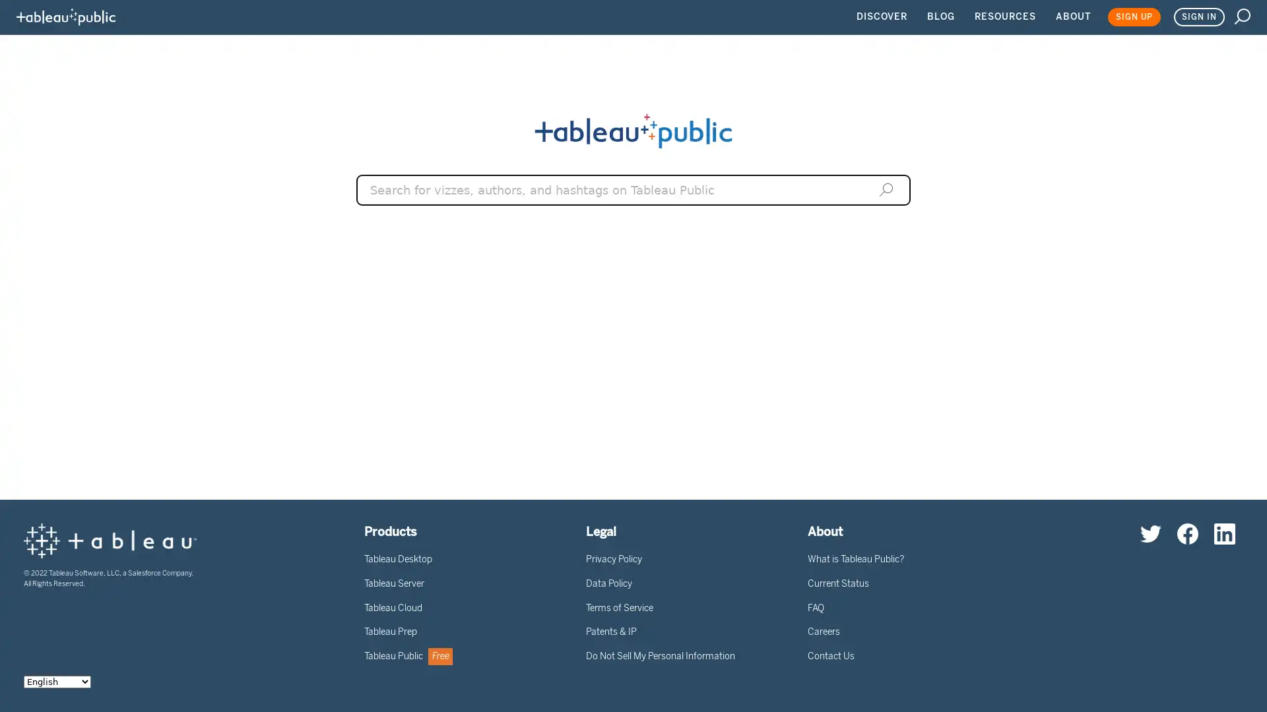 Image resolution: width=1267 pixels, height=712 pixels. I want to click on Facebook link, so click(1188, 533).